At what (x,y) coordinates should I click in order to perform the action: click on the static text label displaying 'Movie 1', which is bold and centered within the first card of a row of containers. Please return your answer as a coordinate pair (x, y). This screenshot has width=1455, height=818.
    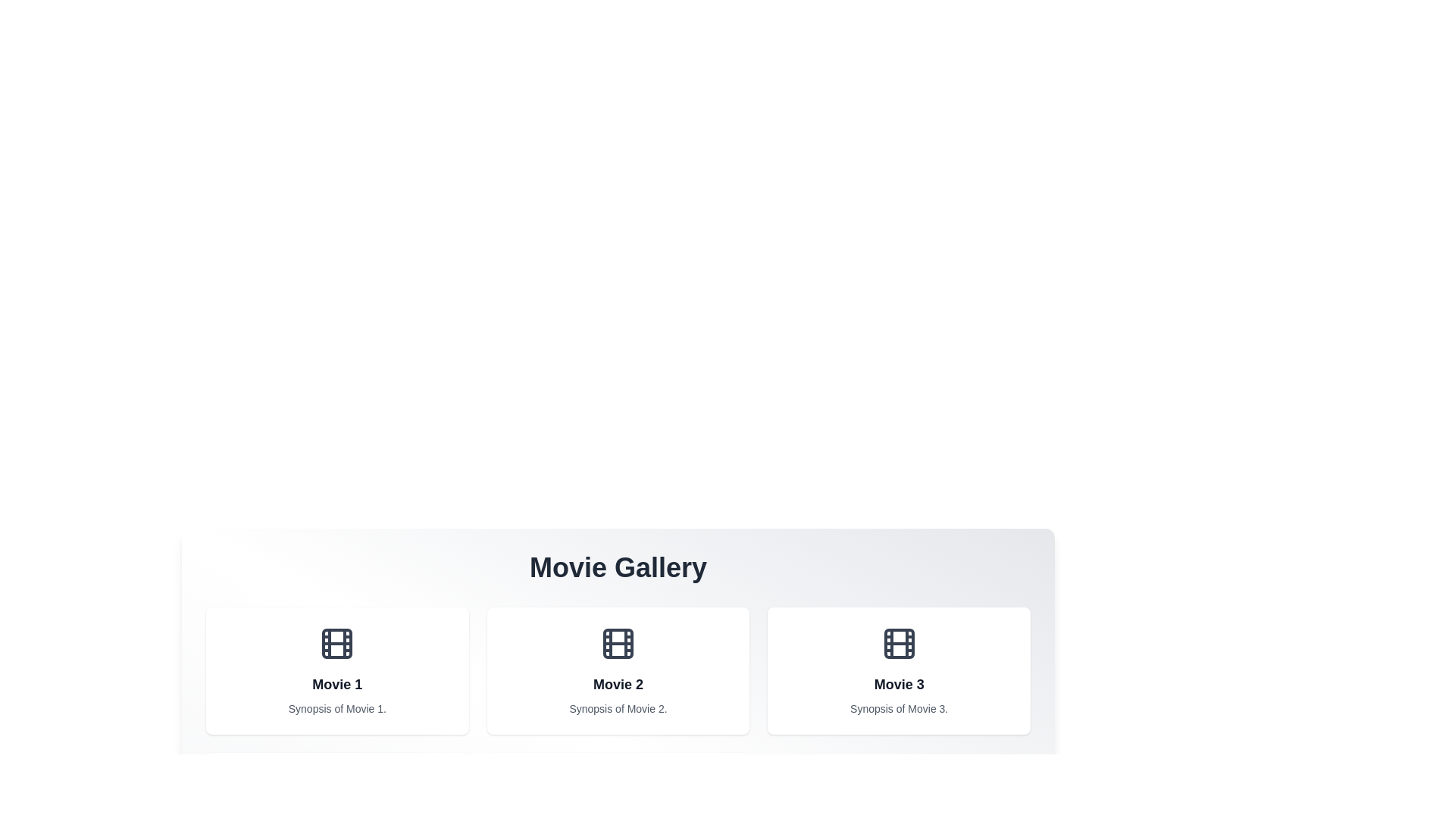
    Looking at the image, I should click on (336, 684).